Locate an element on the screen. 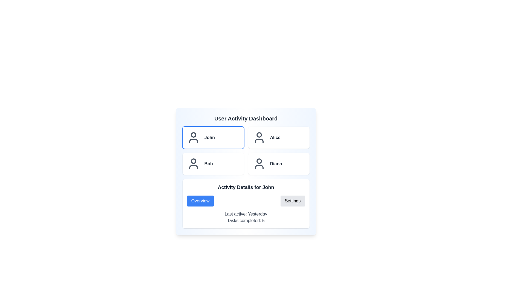 Image resolution: width=525 pixels, height=295 pixels. the selectable user card for Alice, which features a white background, rounded corners, and contains her name in bold, dark gray font is located at coordinates (279, 137).